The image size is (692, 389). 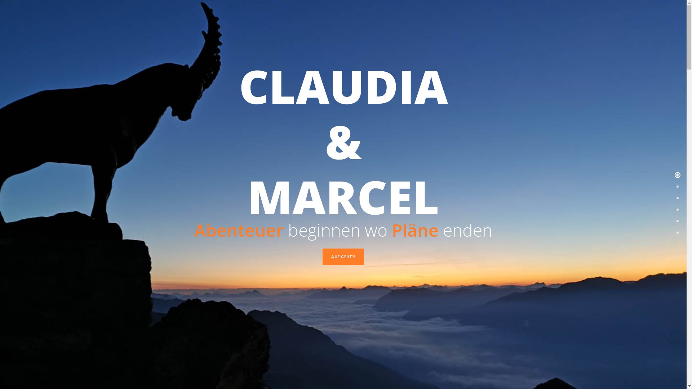 I want to click on 'AUF GEHT'S', so click(x=322, y=256).